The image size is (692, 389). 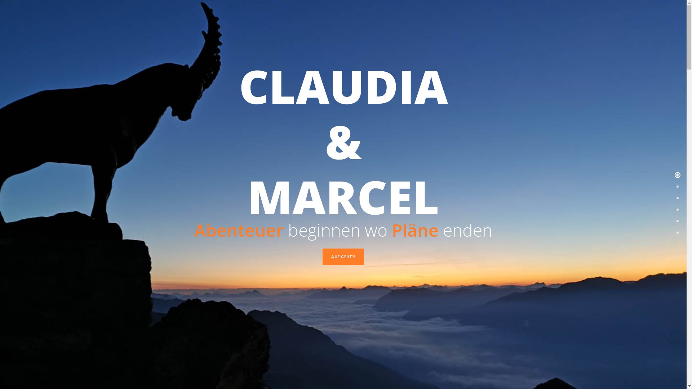 I want to click on 'AUF GEHT'S', so click(x=322, y=256).